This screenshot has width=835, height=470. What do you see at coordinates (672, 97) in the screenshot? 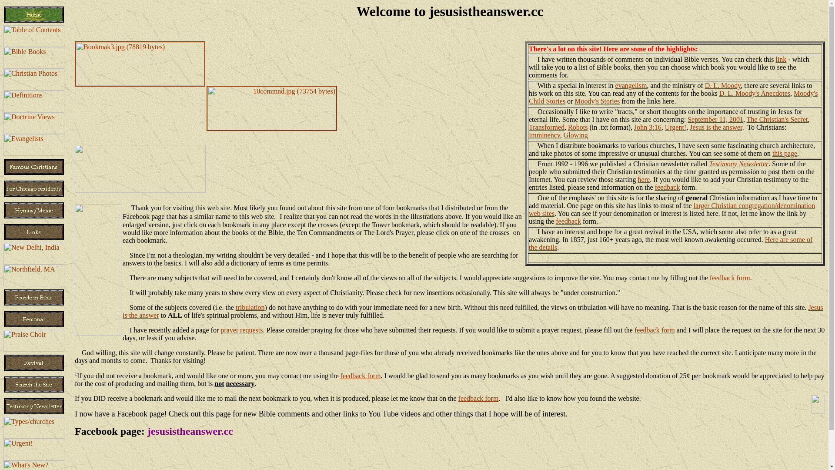
I see `'Moody's Child Stories'` at bounding box center [672, 97].